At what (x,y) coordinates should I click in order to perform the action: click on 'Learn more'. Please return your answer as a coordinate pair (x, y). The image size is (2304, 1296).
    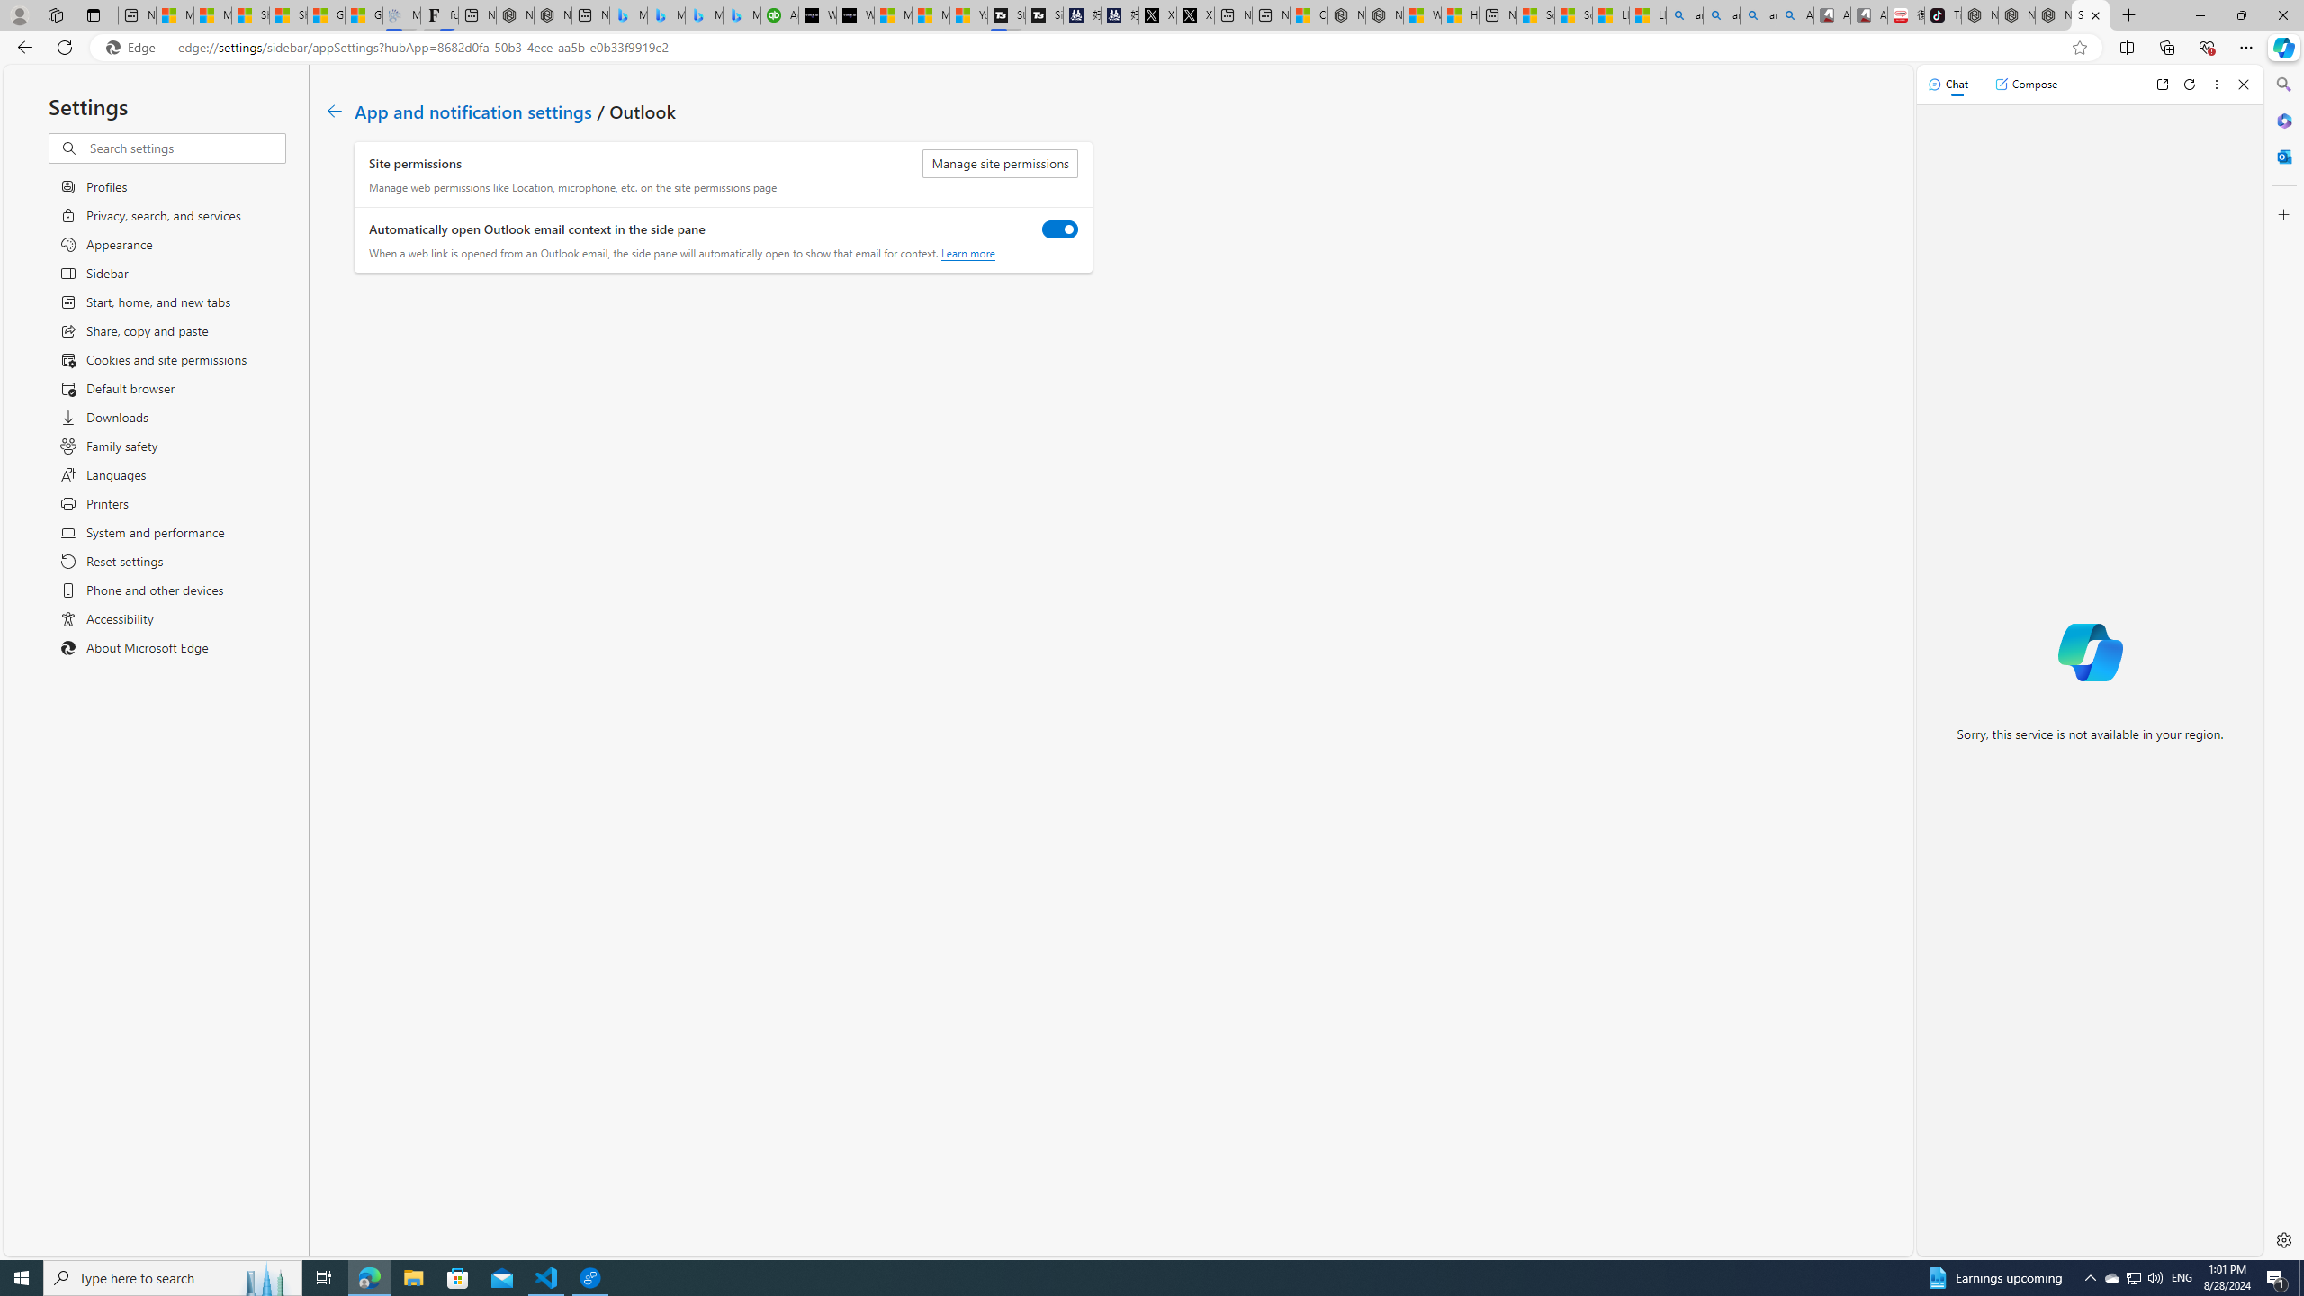
    Looking at the image, I should click on (967, 252).